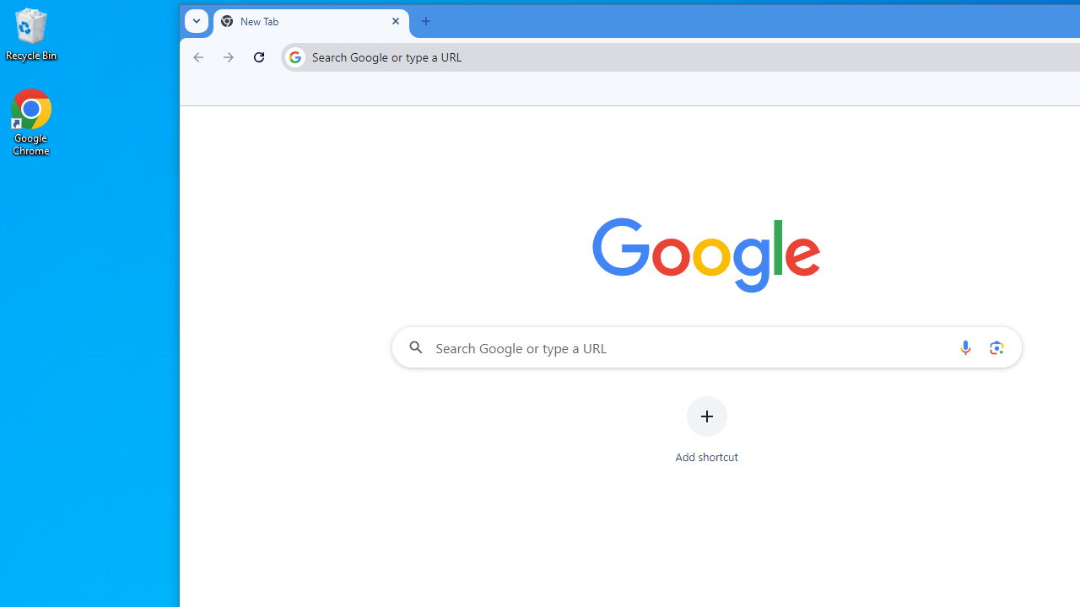 The image size is (1080, 607). I want to click on 'Recycle Bin', so click(31, 33).